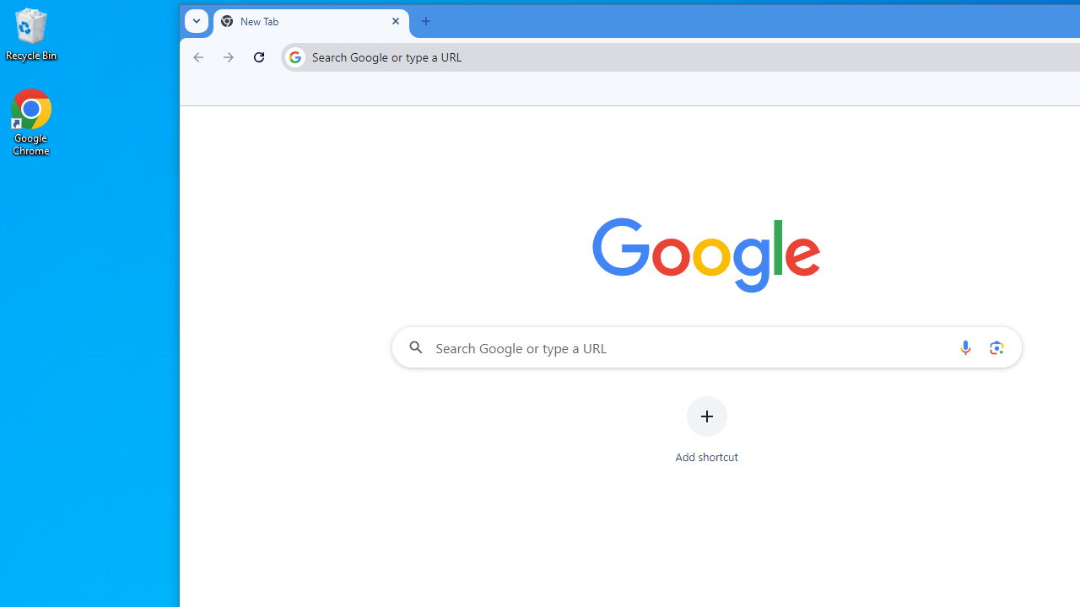 The image size is (1080, 607). I want to click on 'Recycle Bin', so click(31, 33).